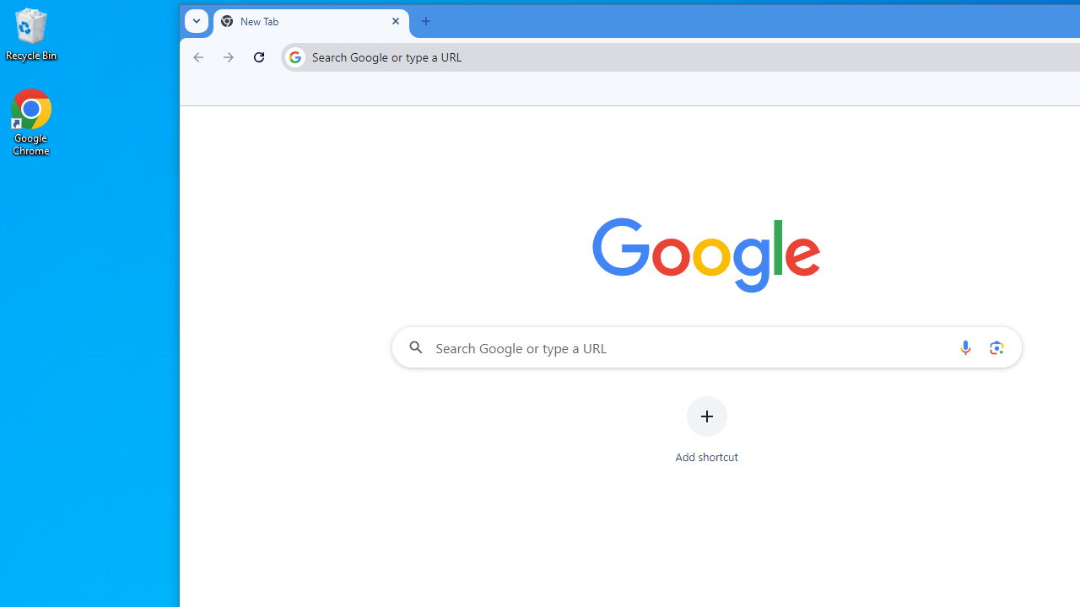 The image size is (1080, 607). I want to click on 'Recycle Bin', so click(31, 33).